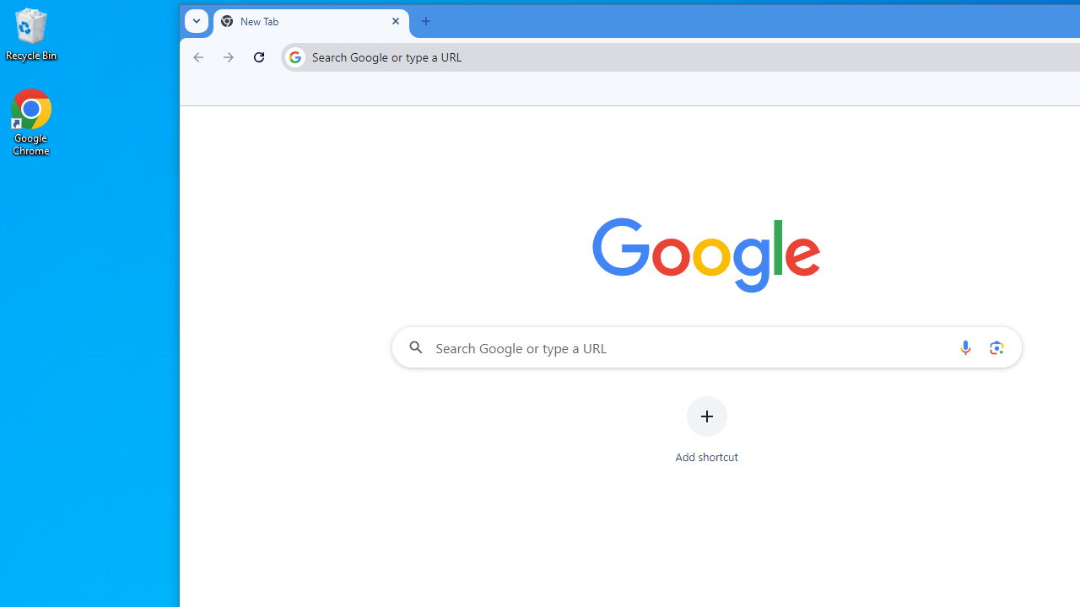 The image size is (1080, 607). I want to click on 'Recycle Bin', so click(31, 33).